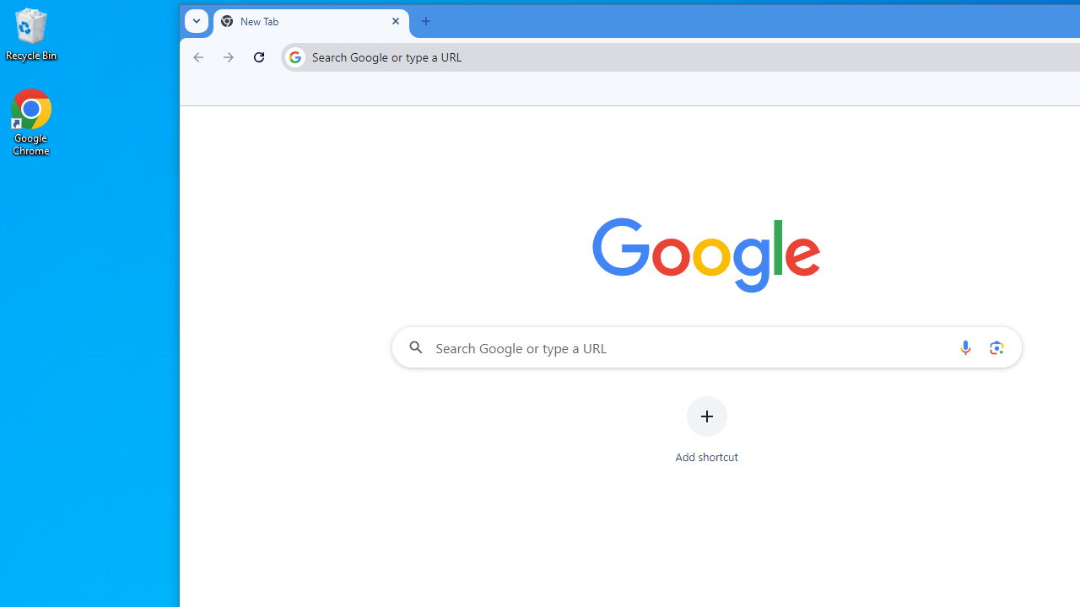 The image size is (1080, 607). I want to click on 'Recycle Bin', so click(31, 33).